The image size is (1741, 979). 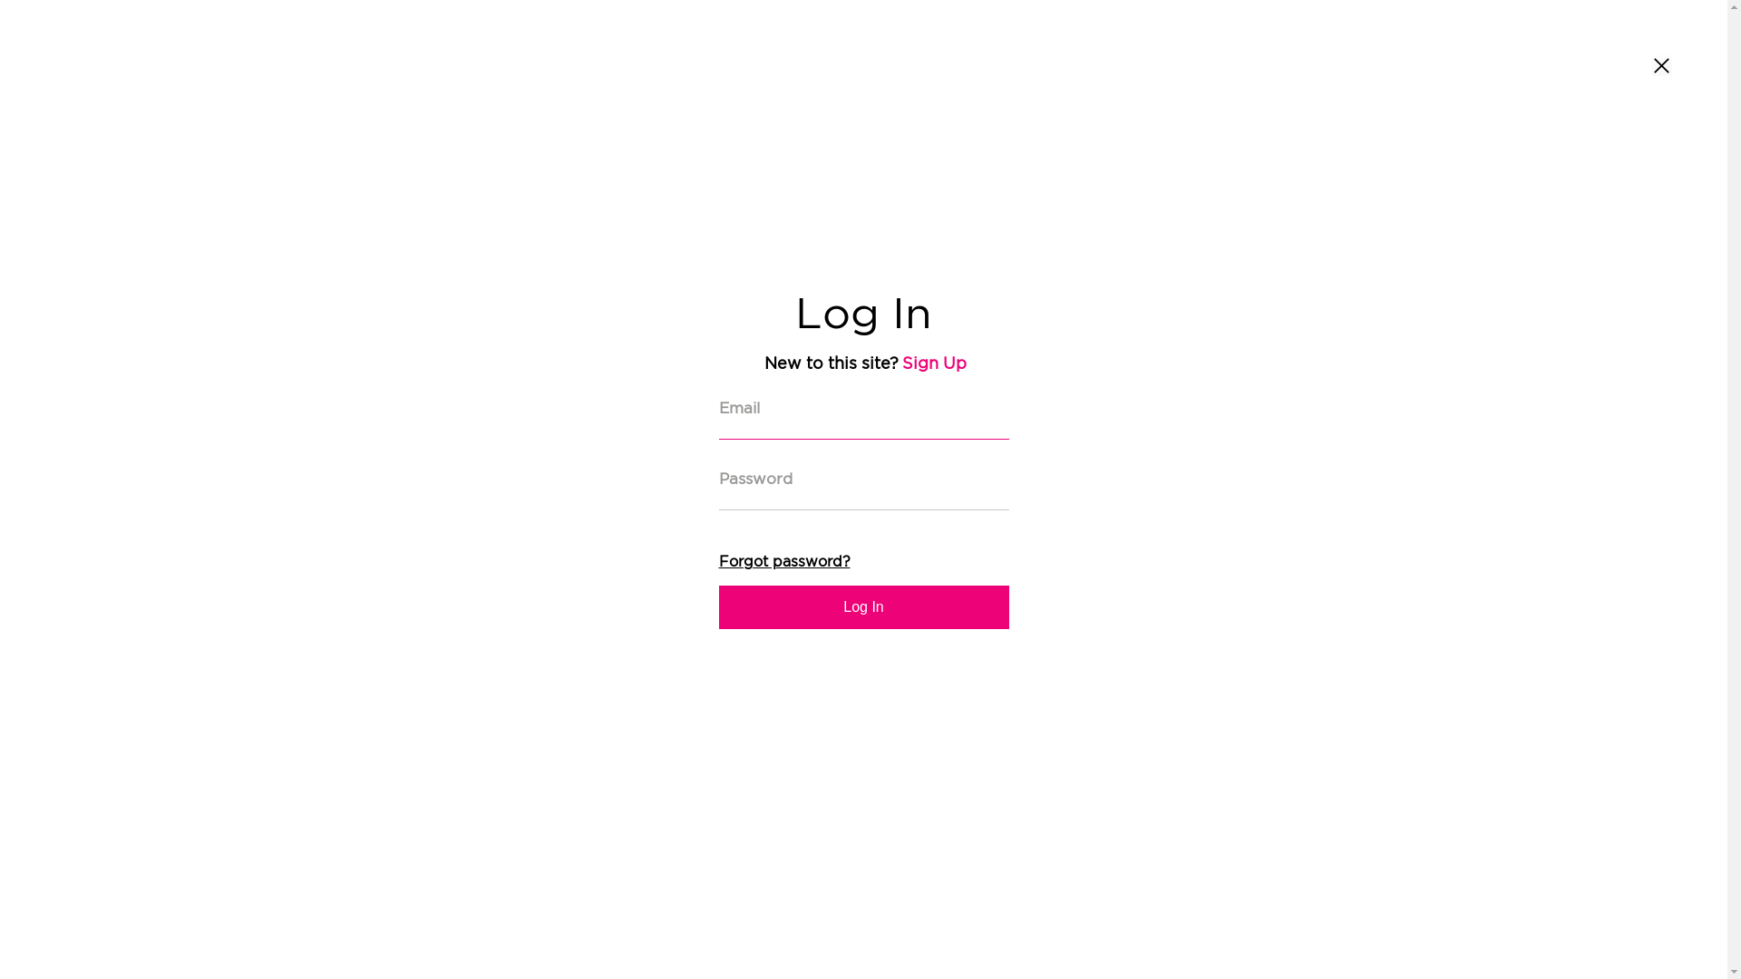 I want to click on 'Log In', so click(x=861, y=607).